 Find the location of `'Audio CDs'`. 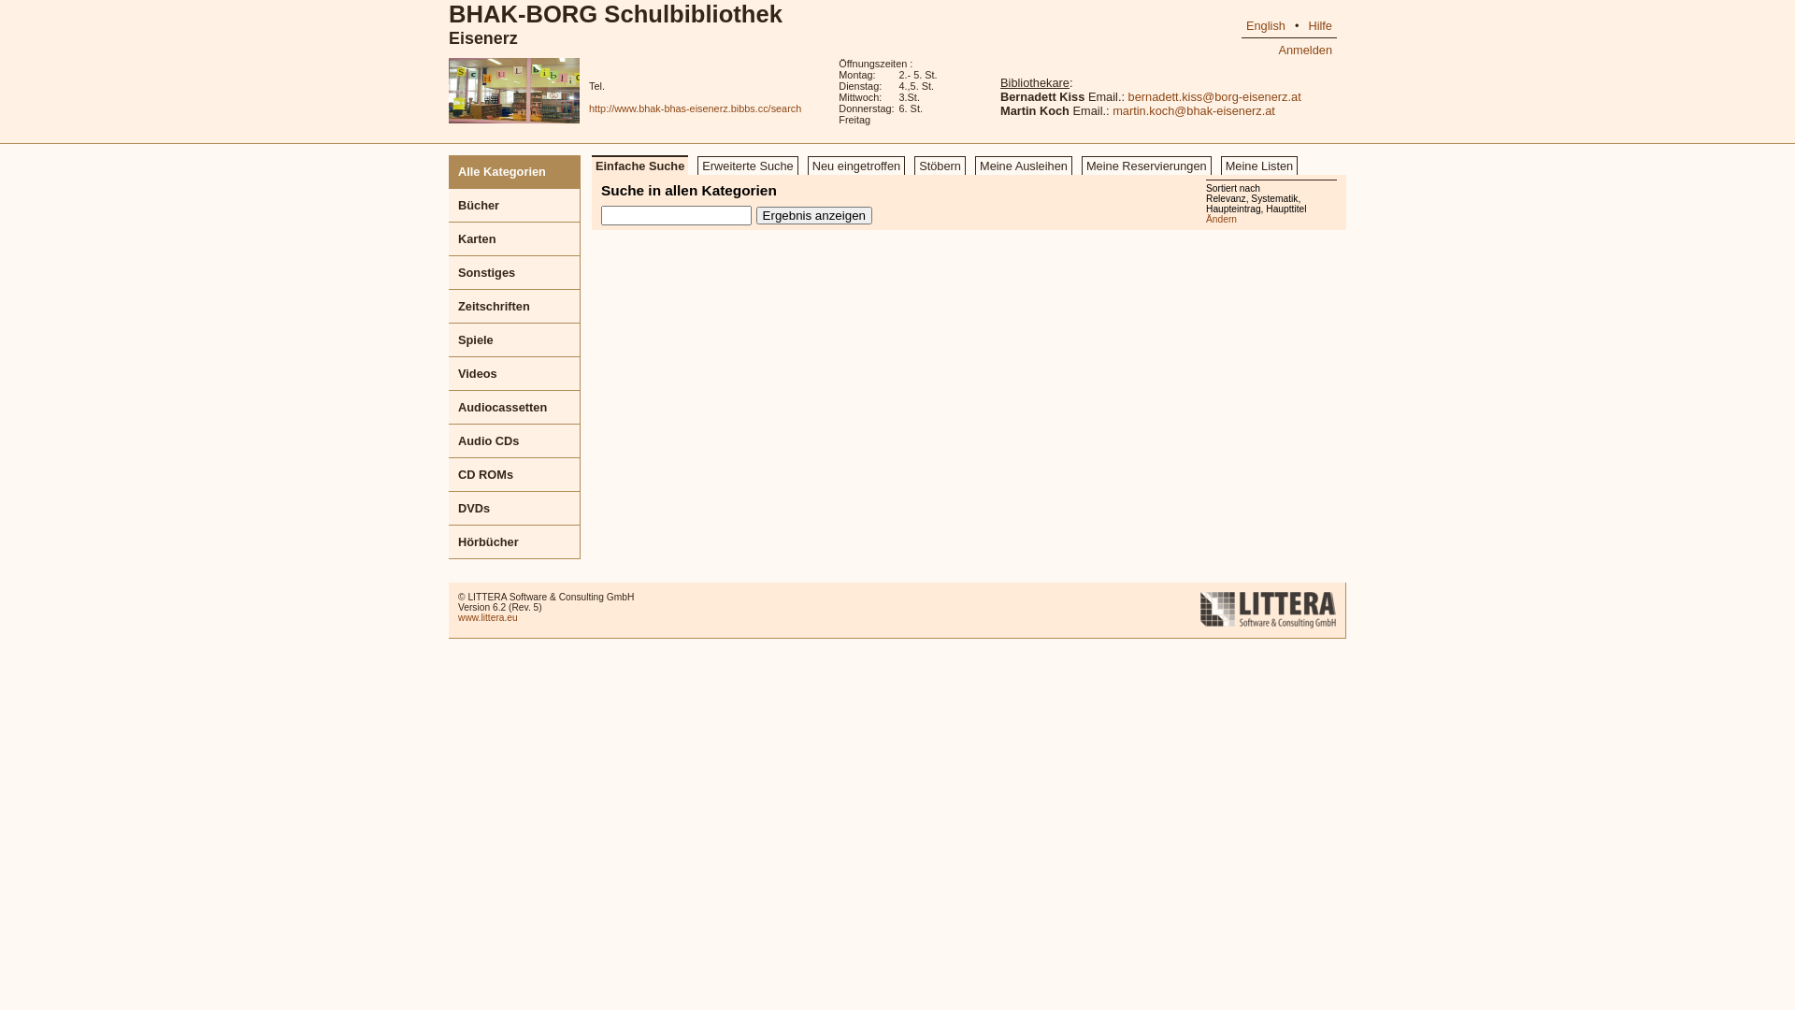

'Audio CDs' is located at coordinates (514, 440).